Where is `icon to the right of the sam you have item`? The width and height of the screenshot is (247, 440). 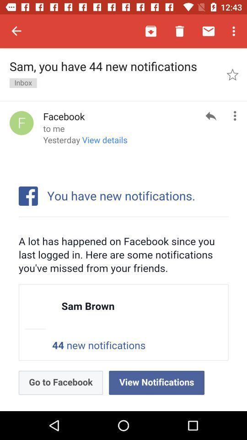
icon to the right of the sam you have item is located at coordinates (232, 74).